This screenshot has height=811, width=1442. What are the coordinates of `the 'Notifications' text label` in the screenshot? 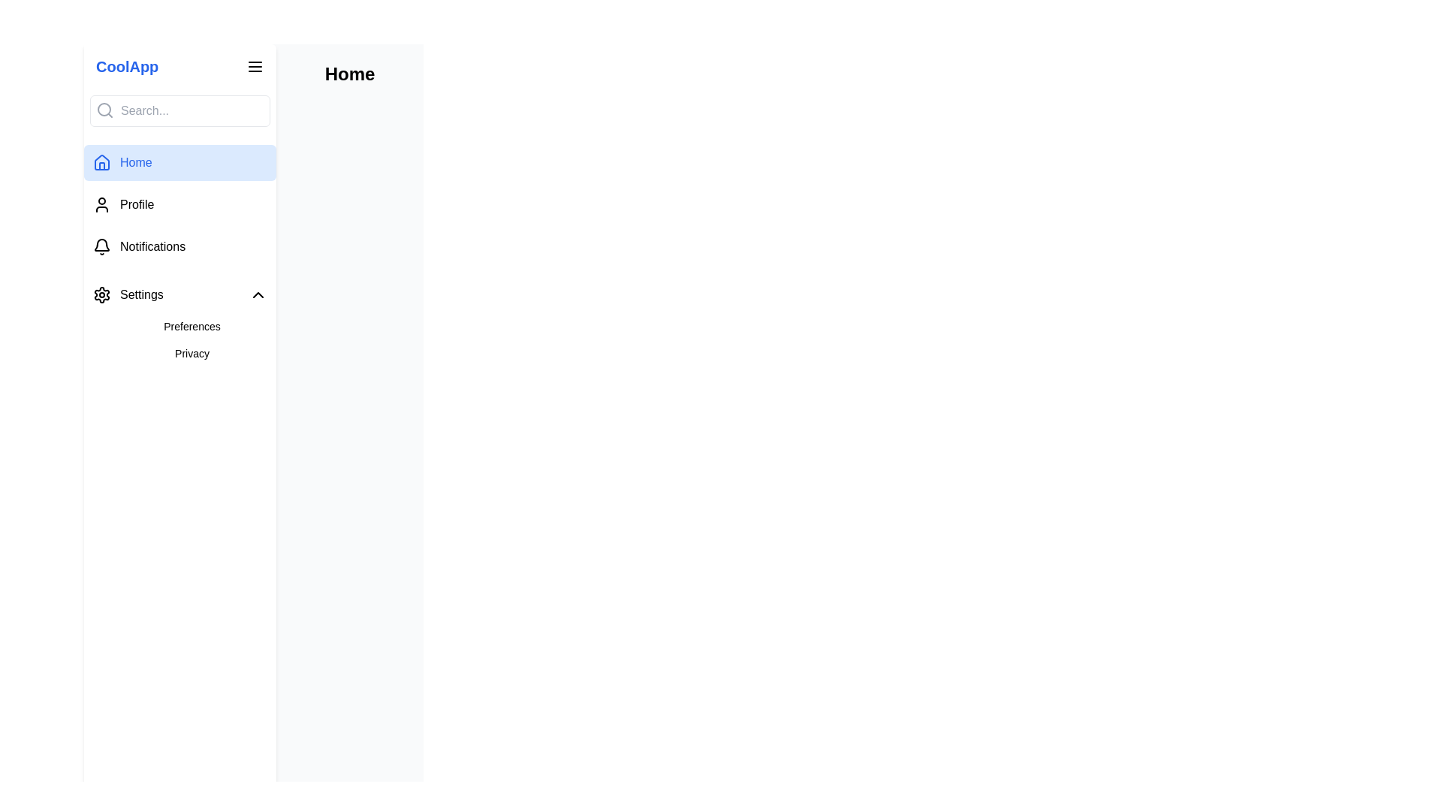 It's located at (152, 246).